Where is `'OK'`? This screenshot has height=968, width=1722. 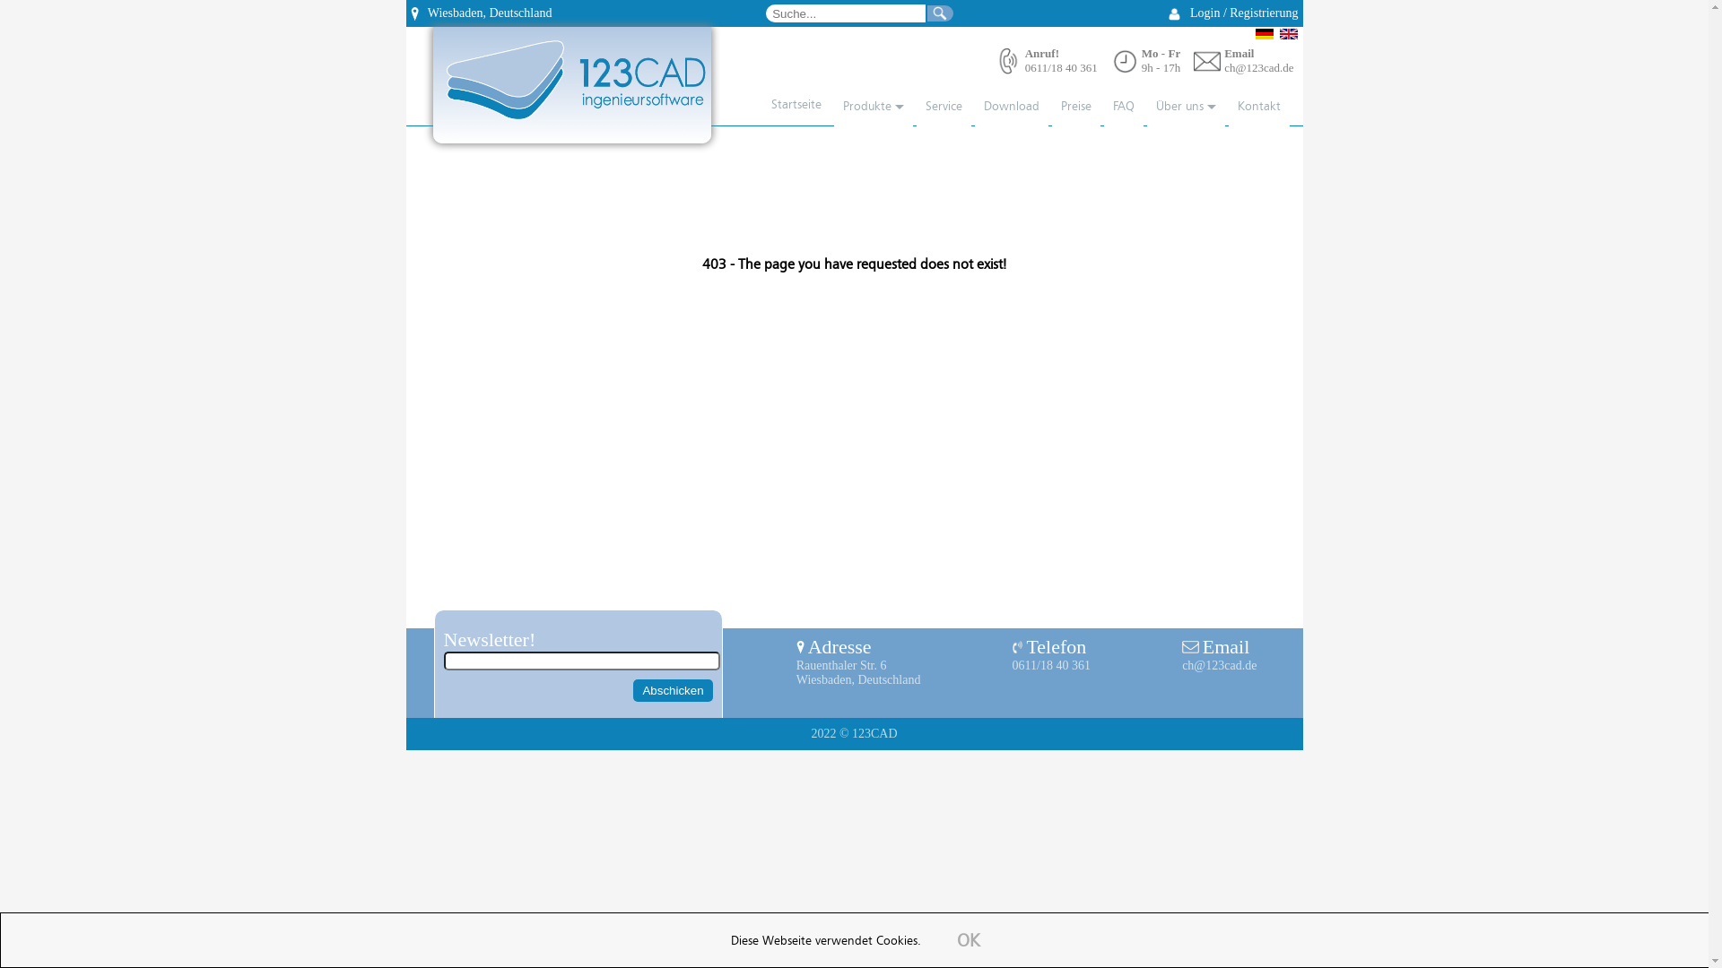 'OK' is located at coordinates (968, 940).